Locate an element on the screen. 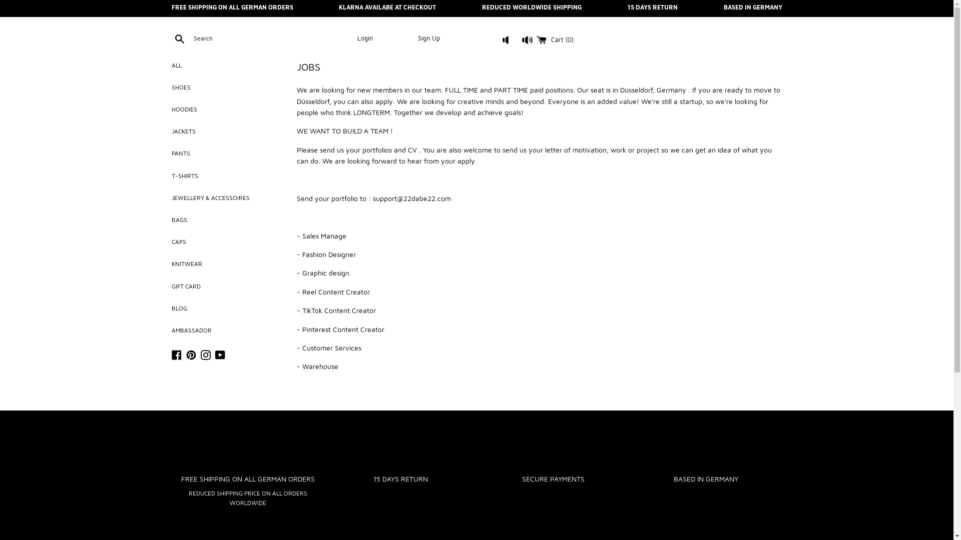 This screenshot has height=540, width=961. 'button' is located at coordinates (518, 42).